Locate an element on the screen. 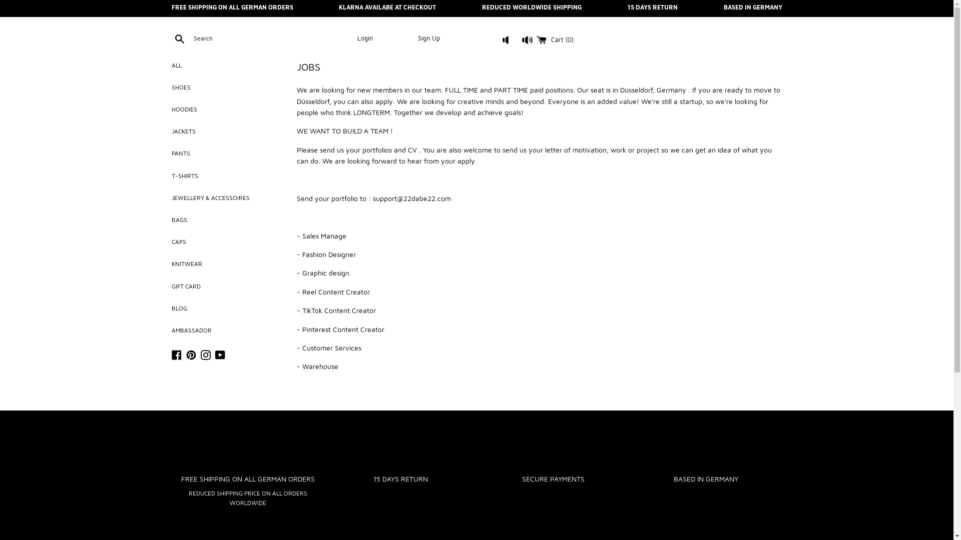 This screenshot has height=540, width=961. 'button' is located at coordinates (518, 42).